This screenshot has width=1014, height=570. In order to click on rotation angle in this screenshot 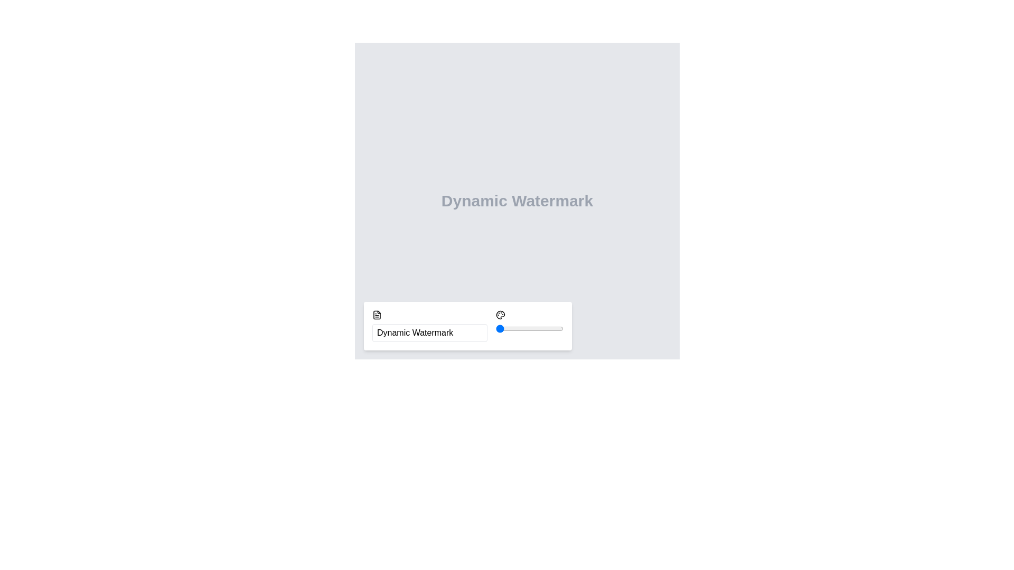, I will do `click(522, 328)`.